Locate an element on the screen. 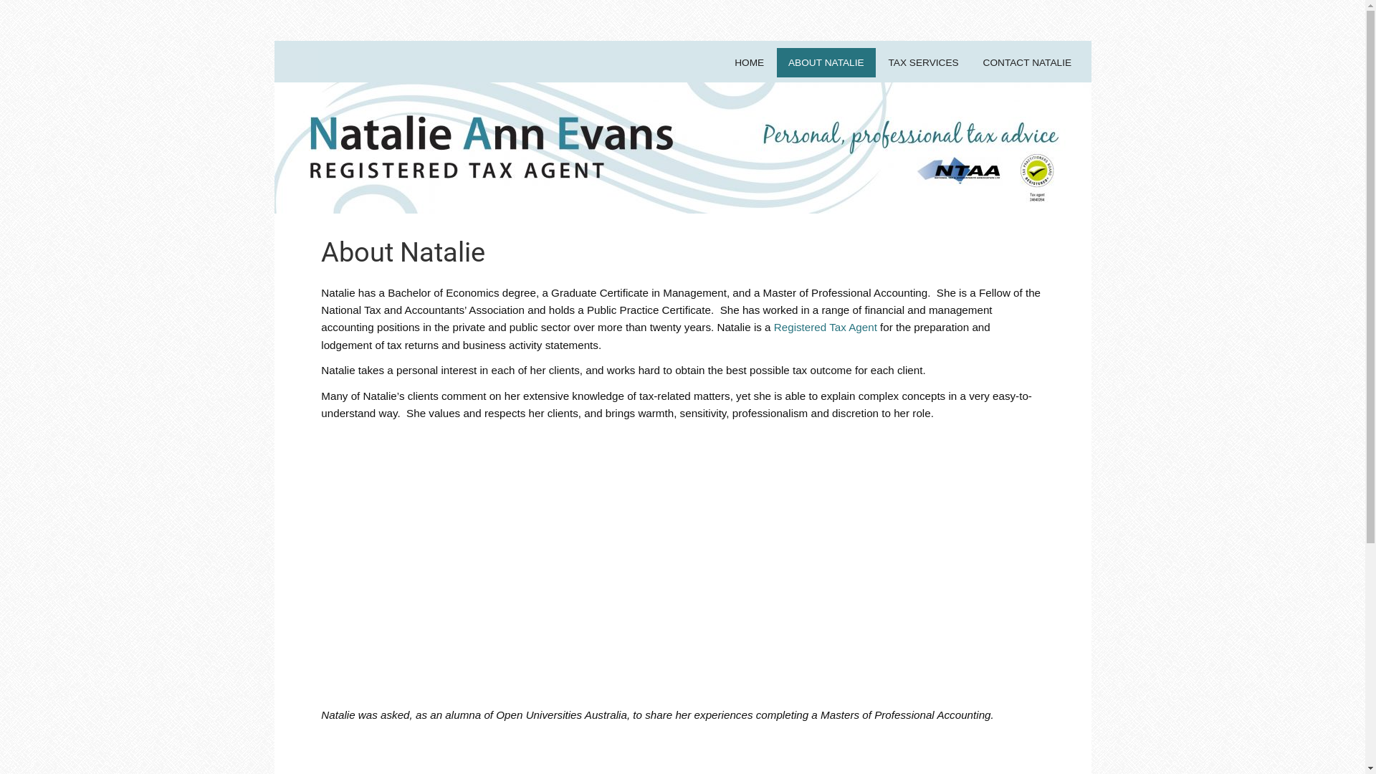 This screenshot has height=774, width=1376. 'TAX SERVICES' is located at coordinates (923, 62).